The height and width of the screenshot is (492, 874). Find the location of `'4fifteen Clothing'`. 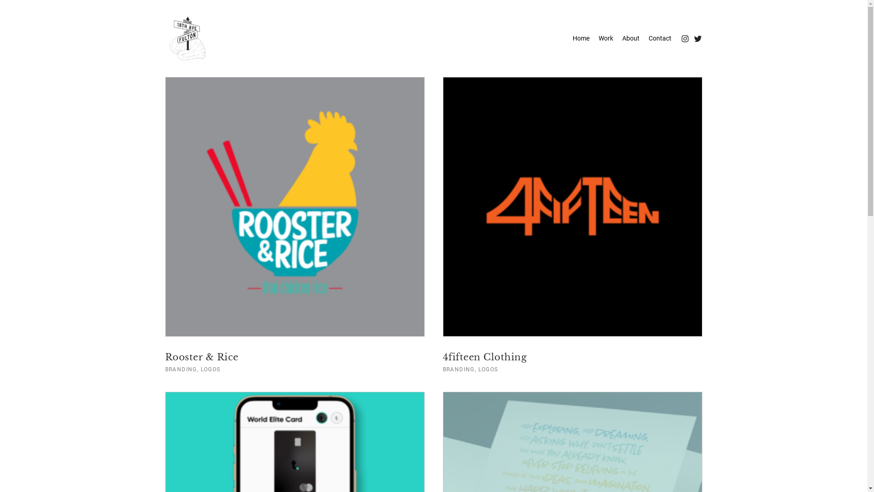

'4fifteen Clothing' is located at coordinates (442, 356).